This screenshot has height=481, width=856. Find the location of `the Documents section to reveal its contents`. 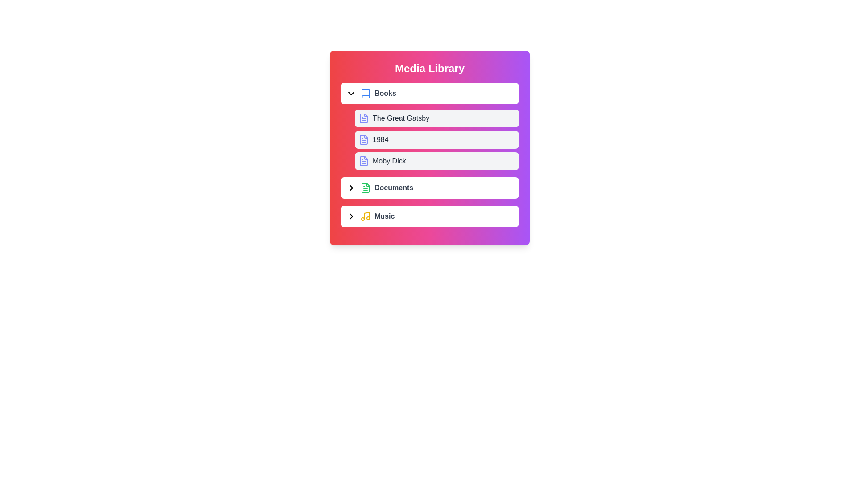

the Documents section to reveal its contents is located at coordinates (430, 187).